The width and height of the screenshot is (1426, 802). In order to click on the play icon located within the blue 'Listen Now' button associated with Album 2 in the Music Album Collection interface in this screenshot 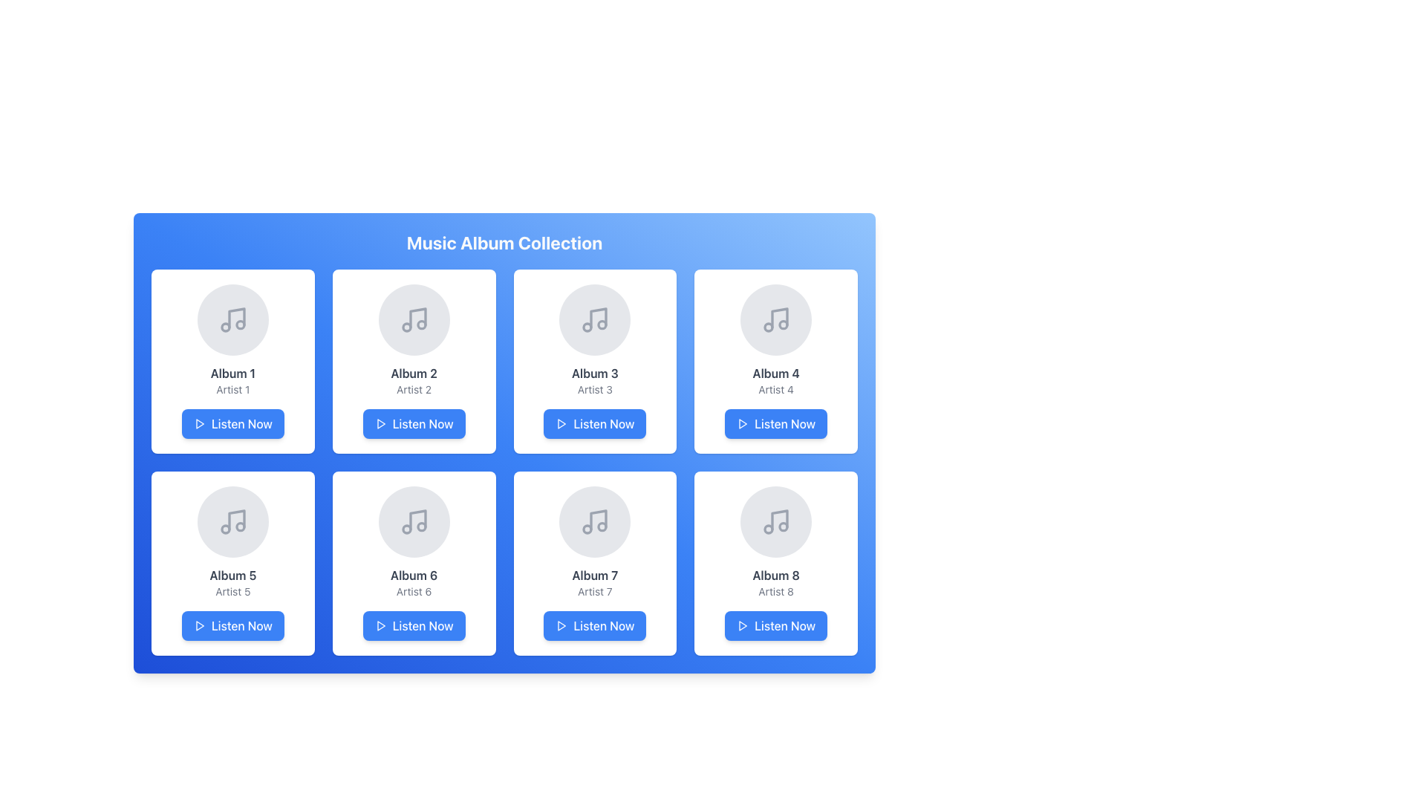, I will do `click(381, 423)`.